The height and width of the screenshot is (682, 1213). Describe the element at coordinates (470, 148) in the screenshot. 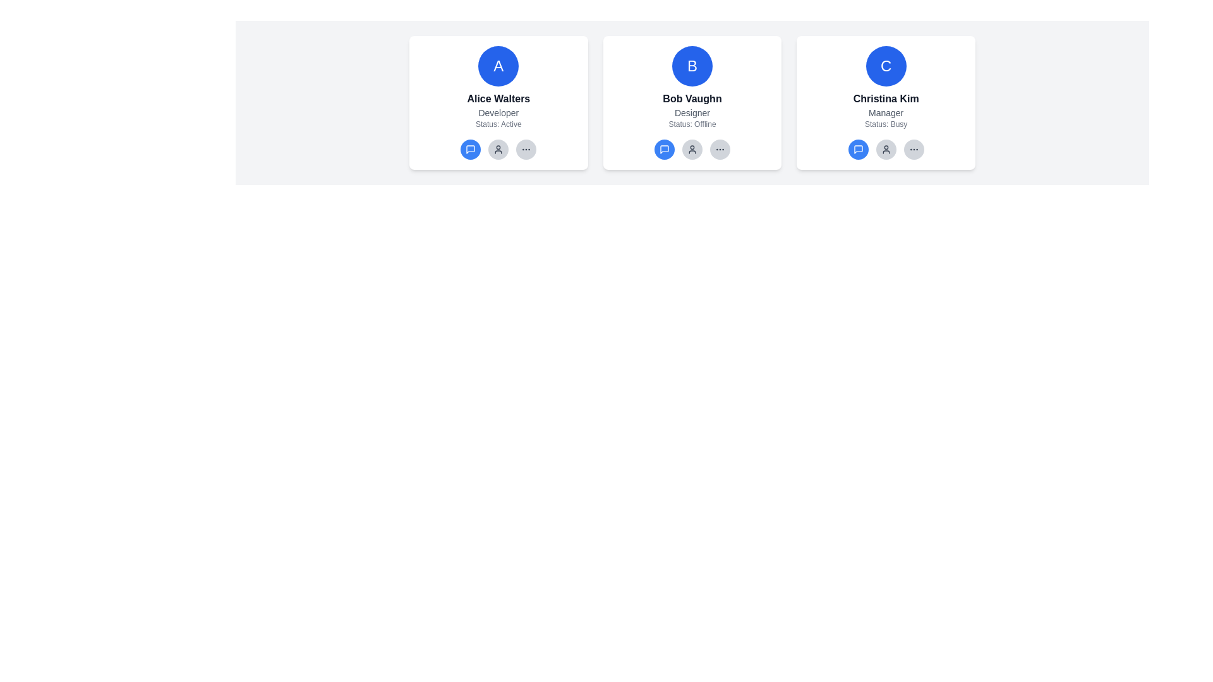

I see `the circular chat button with a speech bubble icon for 'Alice Walters' to observe its hover effect` at that location.